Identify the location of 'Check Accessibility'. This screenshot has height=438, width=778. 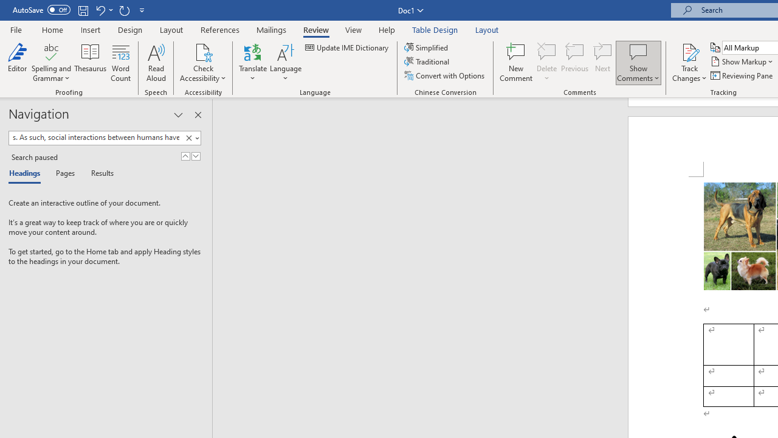
(203, 63).